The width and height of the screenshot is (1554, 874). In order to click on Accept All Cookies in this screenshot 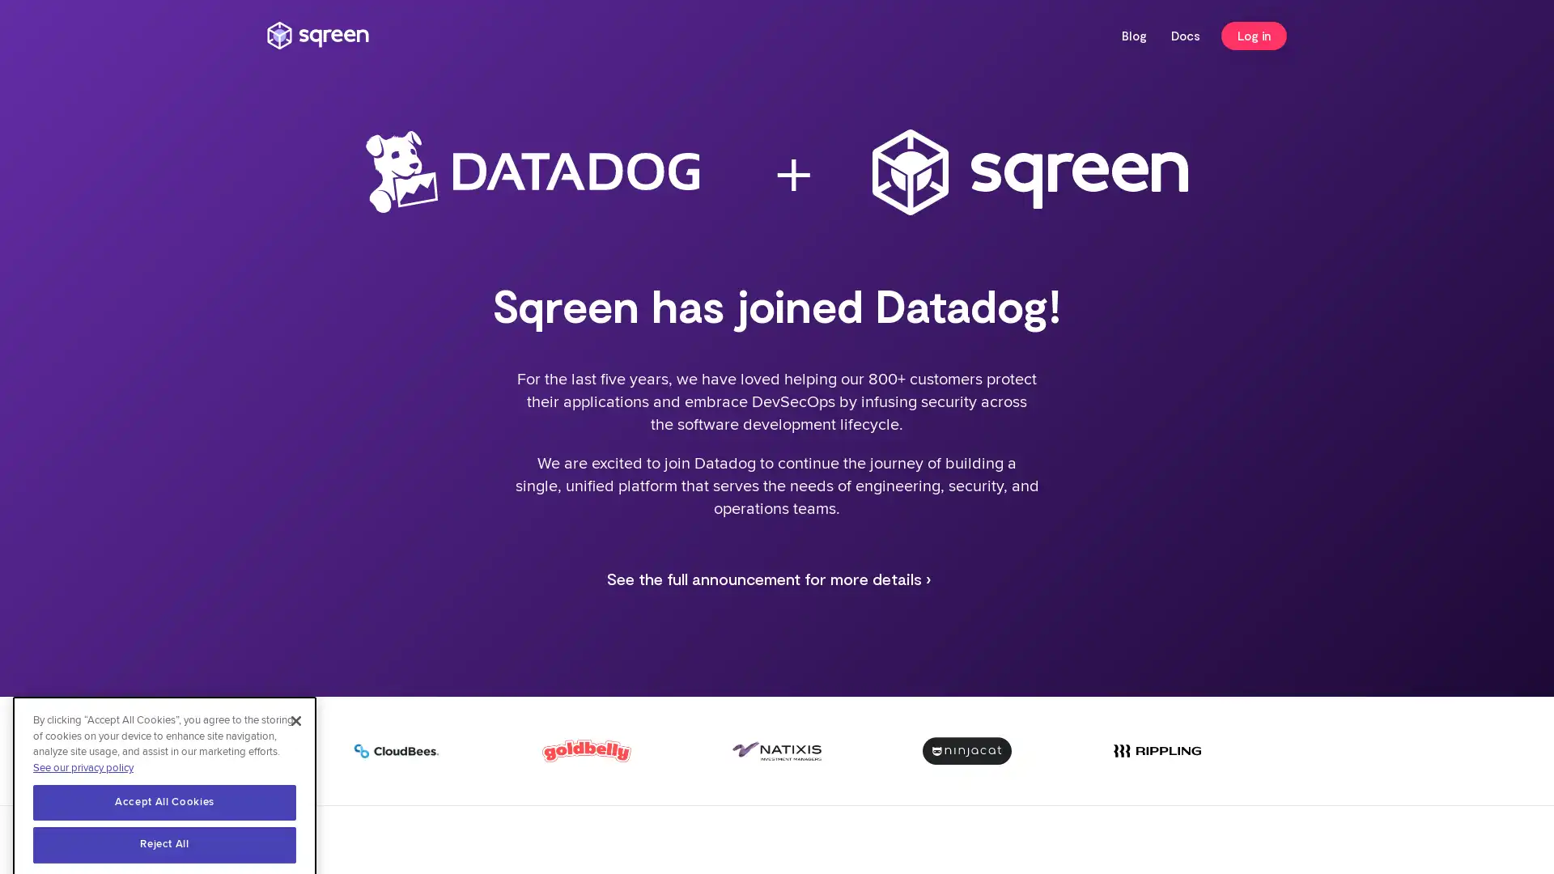, I will do `click(164, 770)`.